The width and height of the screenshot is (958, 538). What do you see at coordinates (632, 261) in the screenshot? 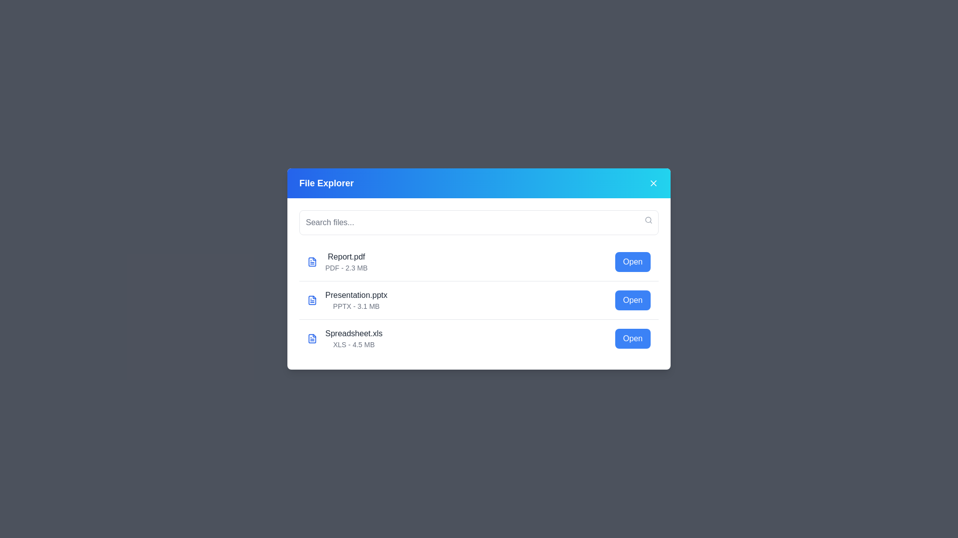
I see `'Open' button for the file named Report.pdf` at bounding box center [632, 261].